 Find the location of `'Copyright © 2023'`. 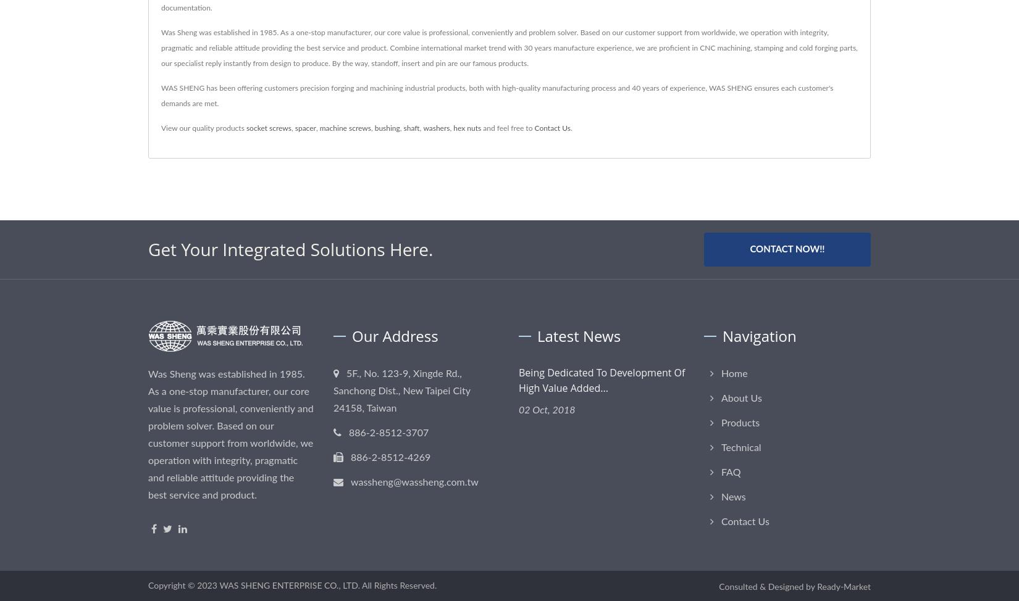

'Copyright © 2023' is located at coordinates (183, 586).